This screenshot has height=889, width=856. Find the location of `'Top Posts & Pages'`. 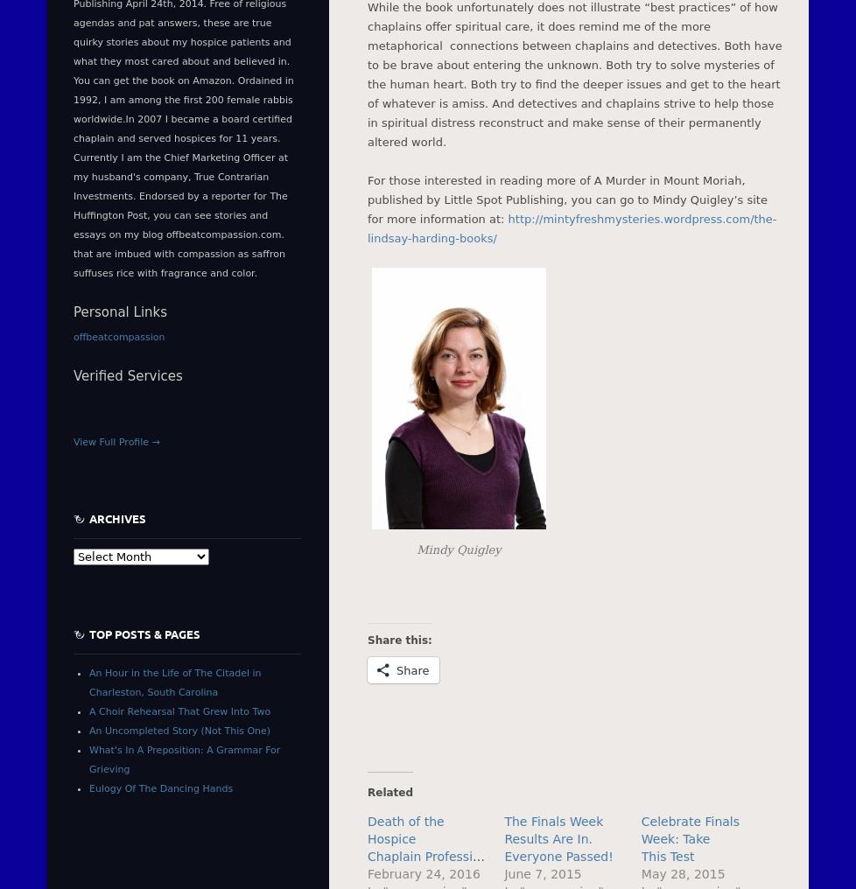

'Top Posts & Pages' is located at coordinates (144, 633).